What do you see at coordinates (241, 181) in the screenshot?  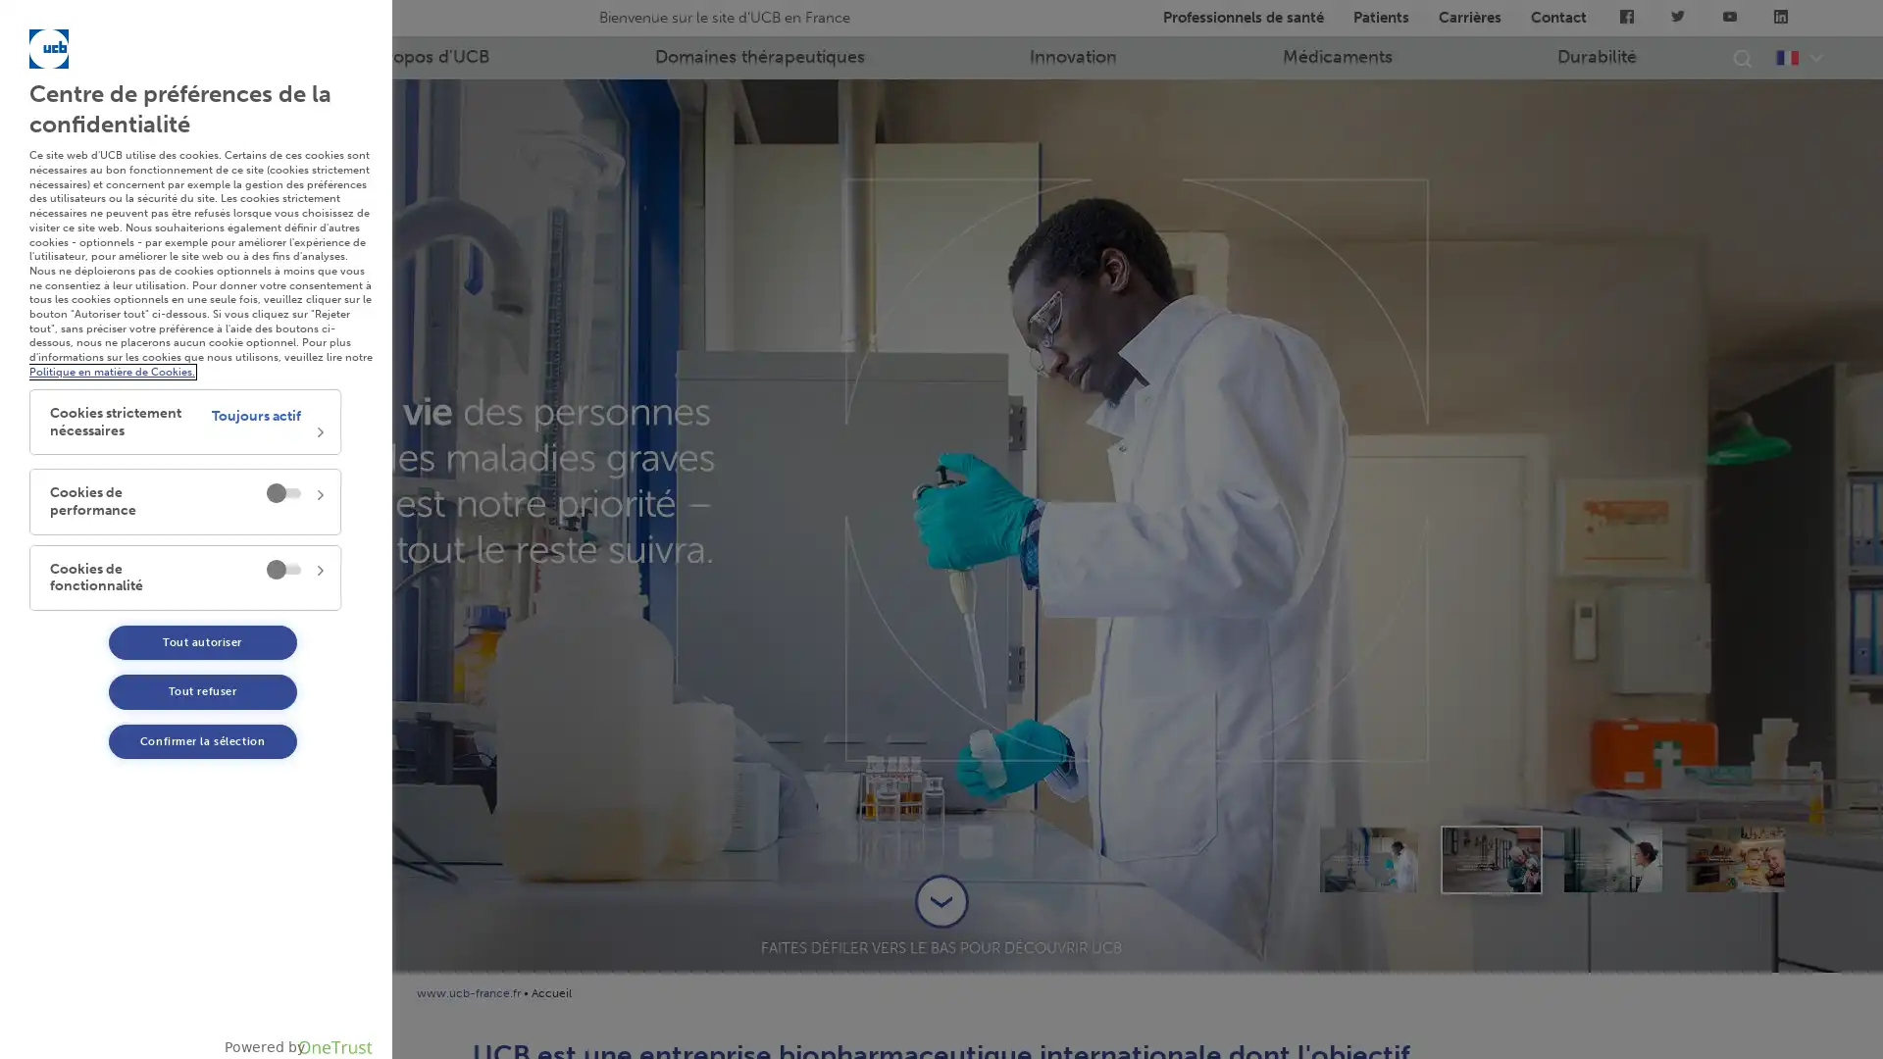 I see `Cancel` at bounding box center [241, 181].